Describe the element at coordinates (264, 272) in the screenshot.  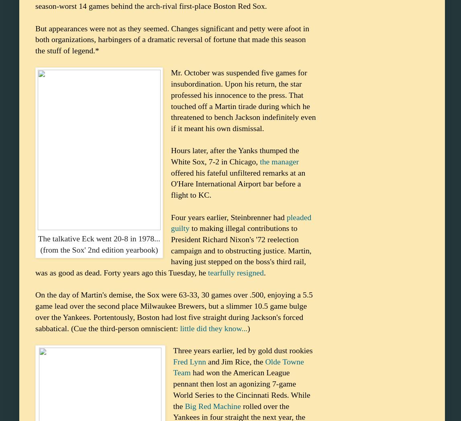
I see `'.'` at that location.